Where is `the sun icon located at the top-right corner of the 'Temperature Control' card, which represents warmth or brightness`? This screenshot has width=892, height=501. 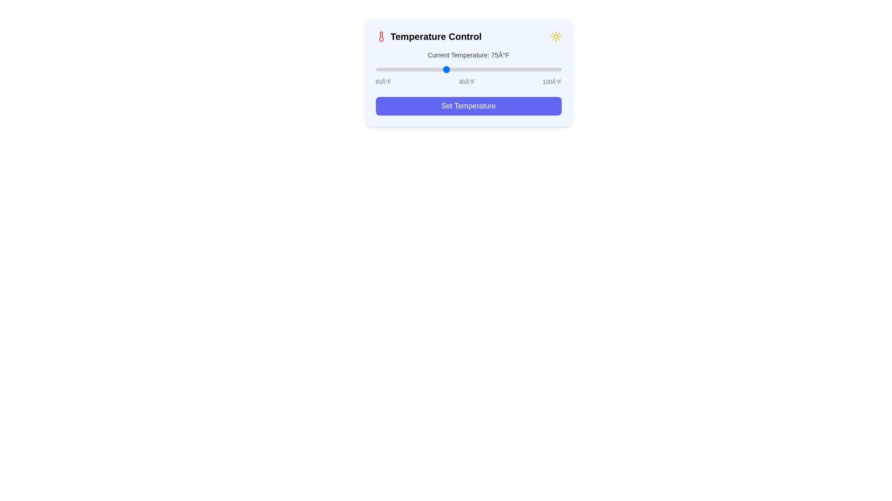 the sun icon located at the top-right corner of the 'Temperature Control' card, which represents warmth or brightness is located at coordinates (556, 36).